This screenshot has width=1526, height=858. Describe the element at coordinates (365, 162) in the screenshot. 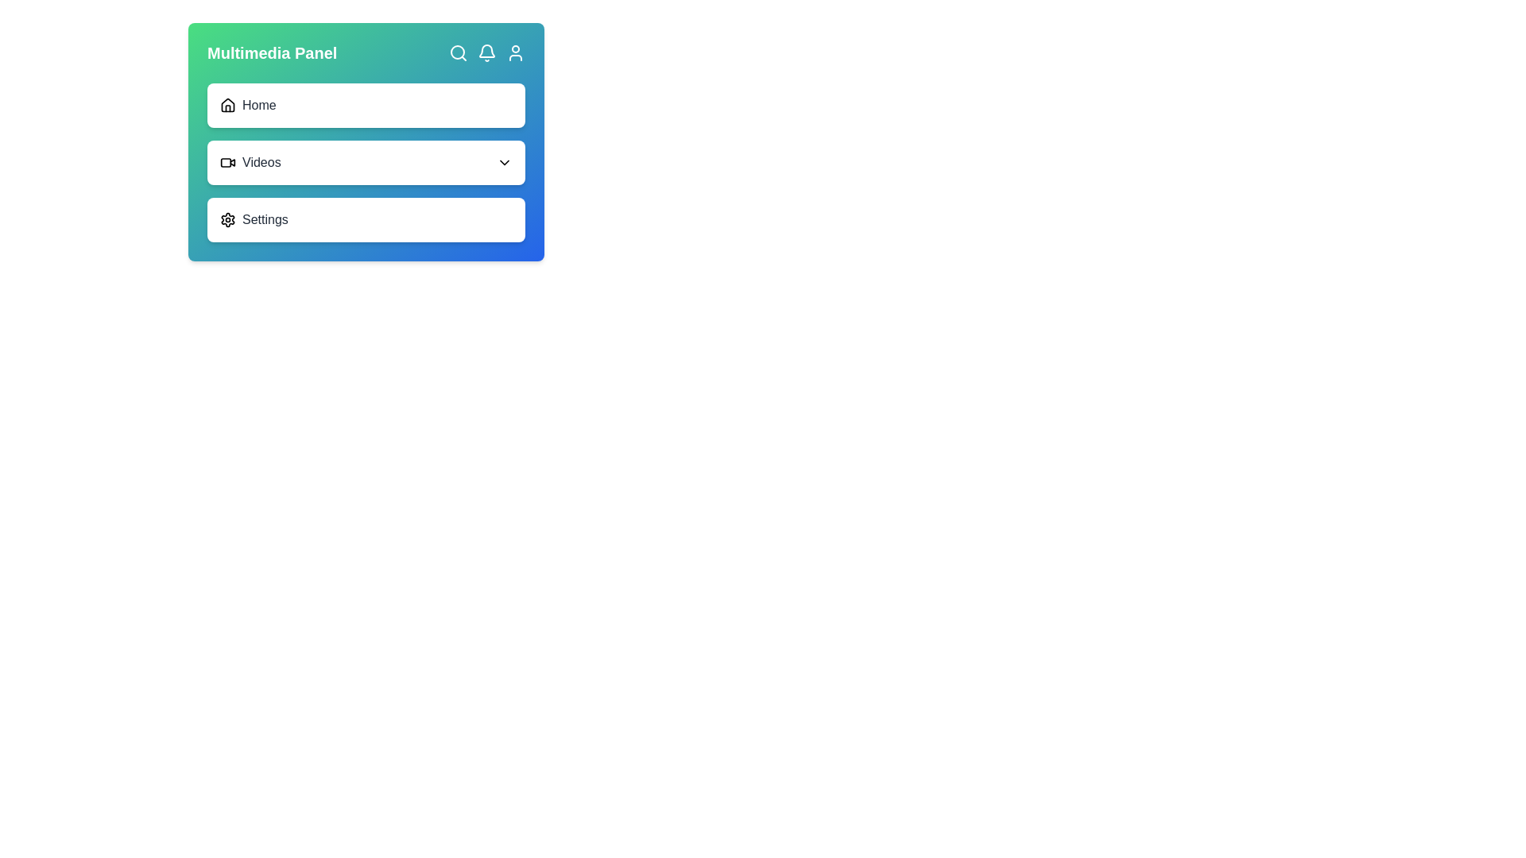

I see `the 'Videos' navigation button, which is the second item in a vertical list` at that location.